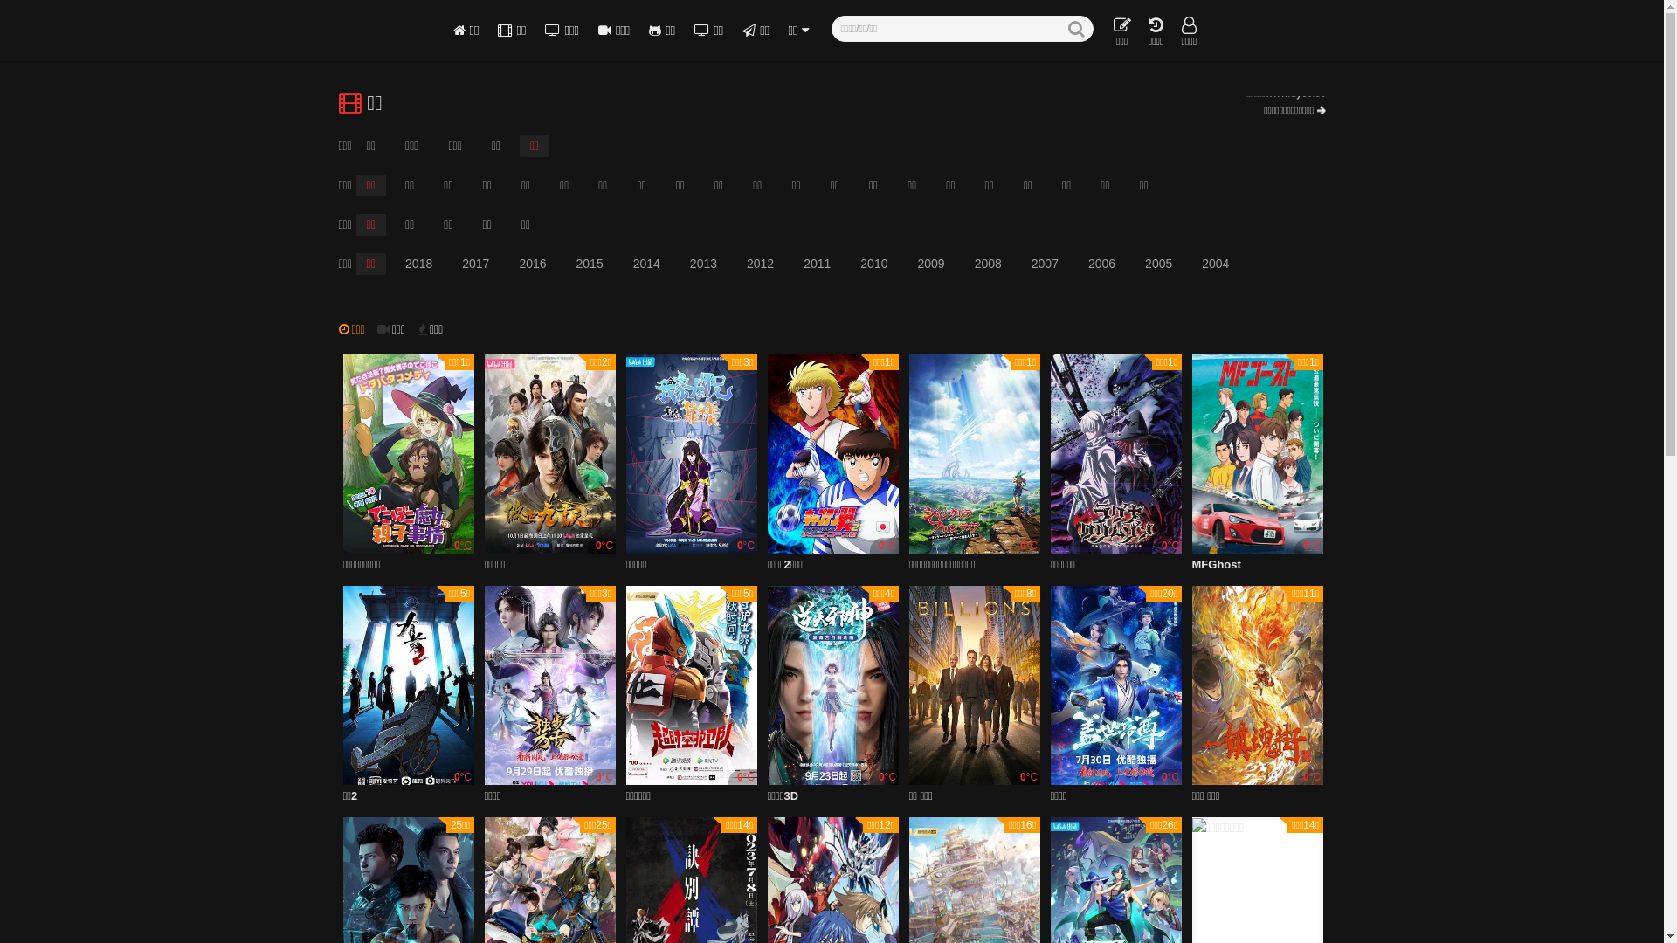 Image resolution: width=1677 pixels, height=943 pixels. Describe the element at coordinates (590, 264) in the screenshot. I see `'2015'` at that location.